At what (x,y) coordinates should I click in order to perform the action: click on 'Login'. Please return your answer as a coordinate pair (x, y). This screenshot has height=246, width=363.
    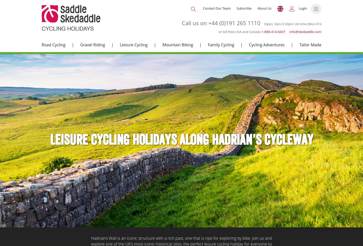
    Looking at the image, I should click on (298, 8).